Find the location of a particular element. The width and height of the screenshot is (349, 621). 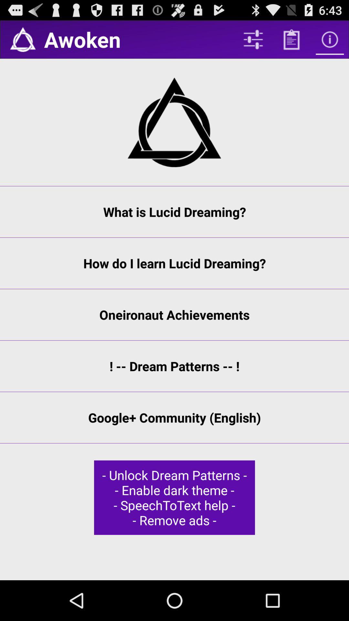

paste journal is located at coordinates (291, 39).